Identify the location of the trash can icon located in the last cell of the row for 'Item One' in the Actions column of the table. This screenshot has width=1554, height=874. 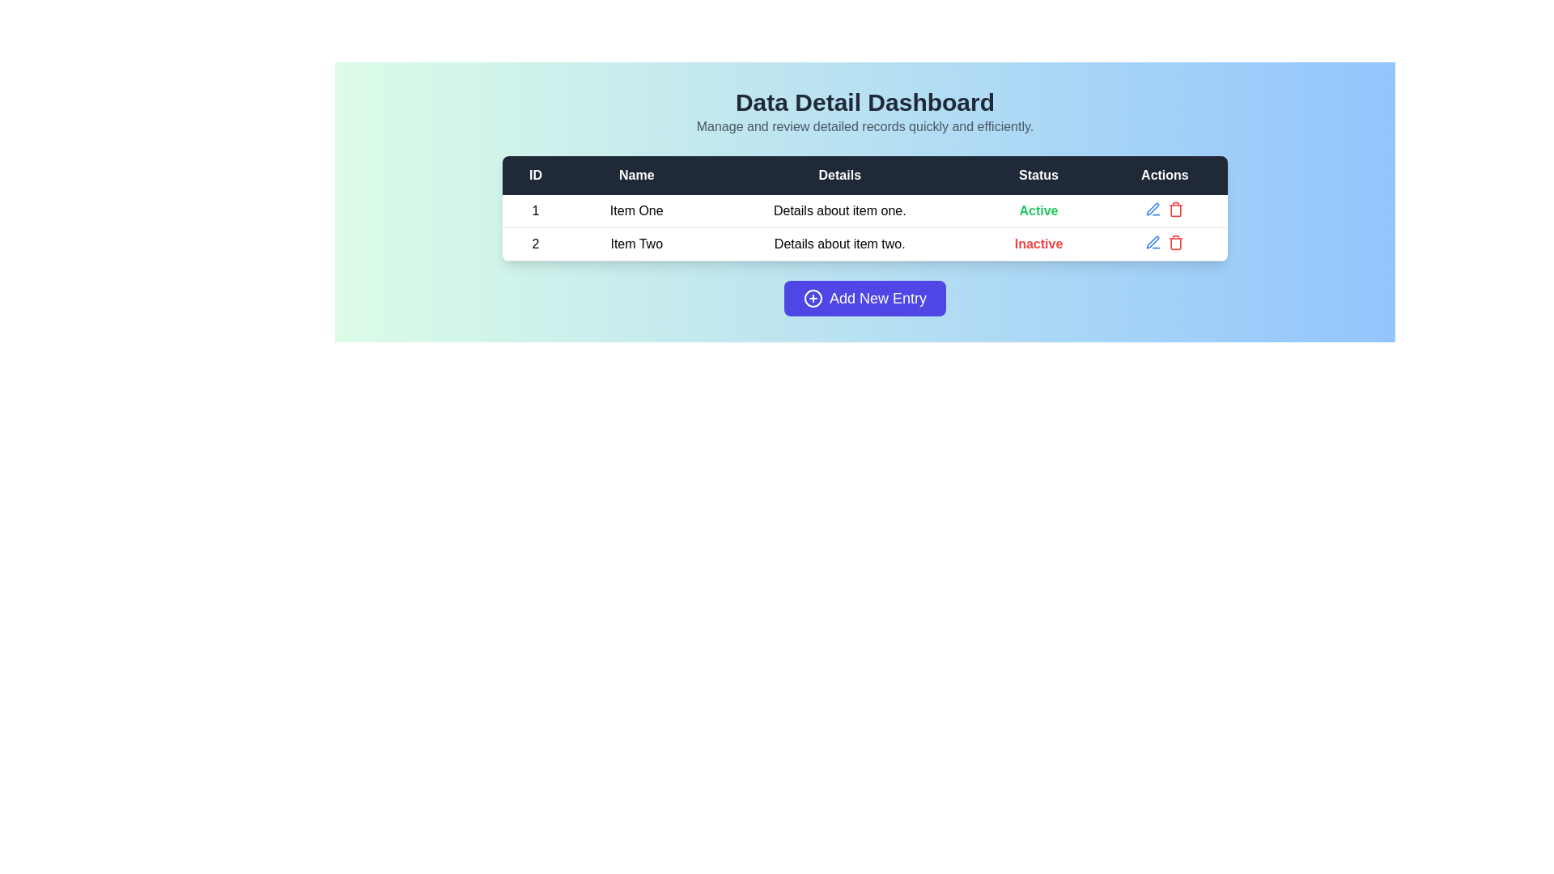
(1164, 208).